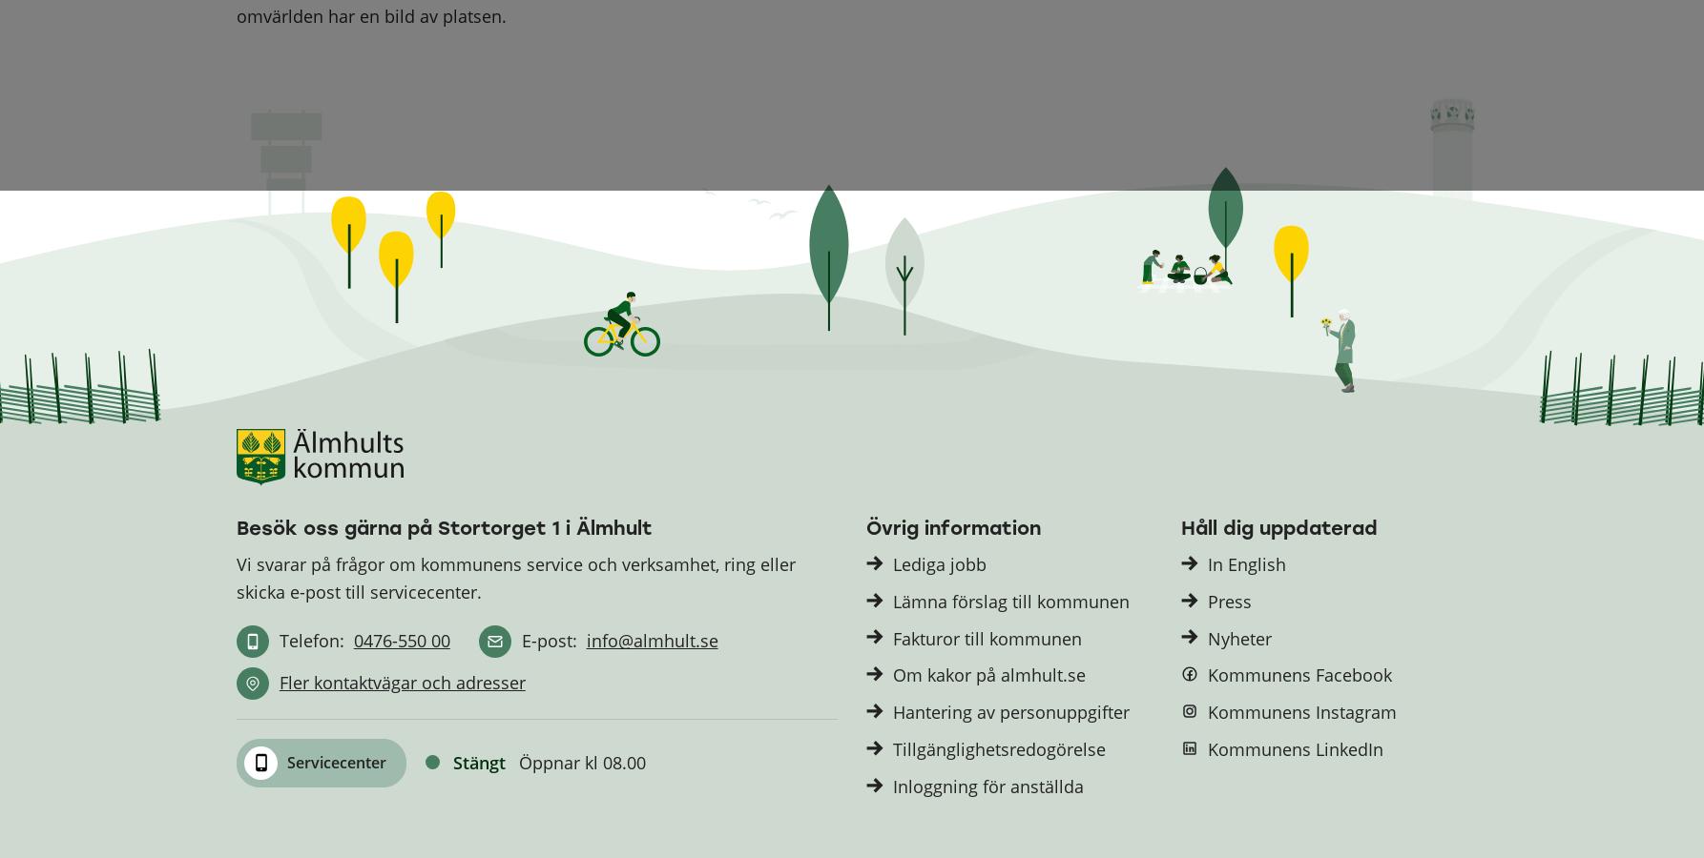 The image size is (1704, 858). I want to click on 'Hantering av personuppgifter', so click(1009, 711).